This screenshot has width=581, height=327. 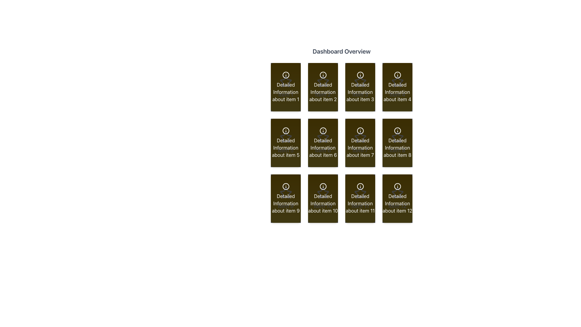 I want to click on the star icon located within the card labeled 'Item 8' for visual feedback, so click(x=397, y=137).